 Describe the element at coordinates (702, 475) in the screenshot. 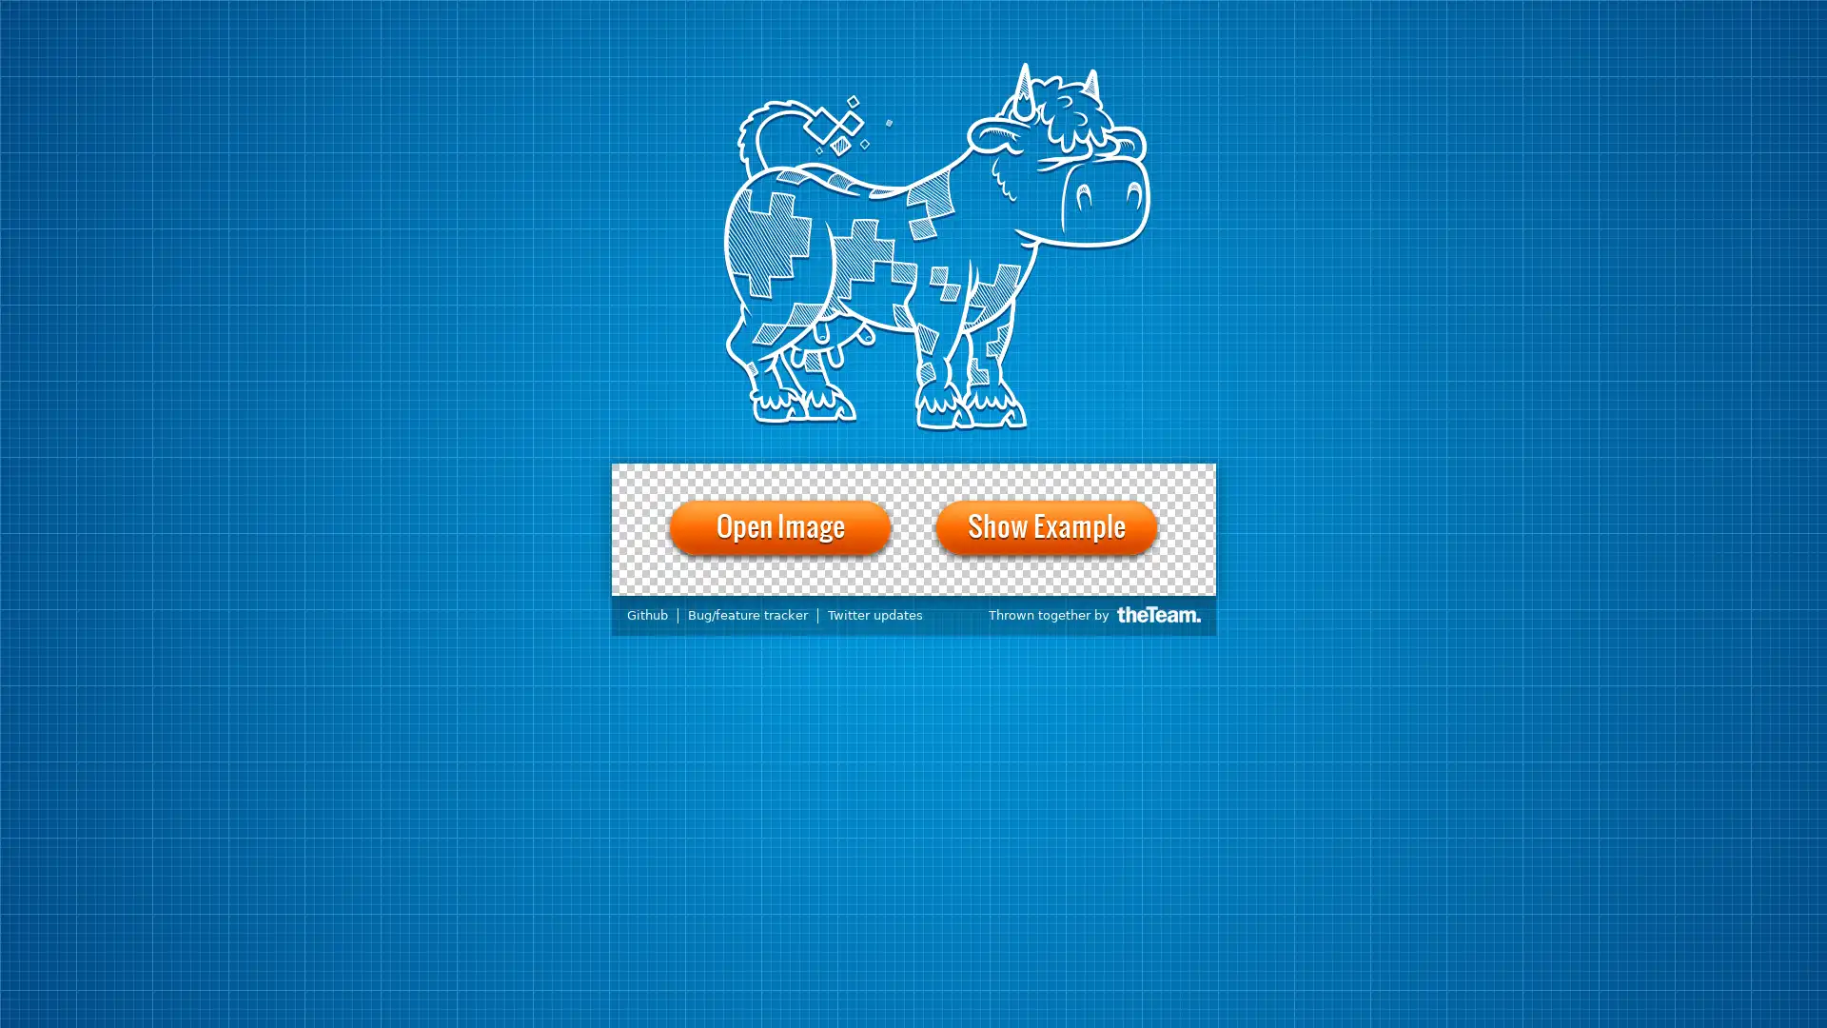

I see `Reload Current Image` at that location.